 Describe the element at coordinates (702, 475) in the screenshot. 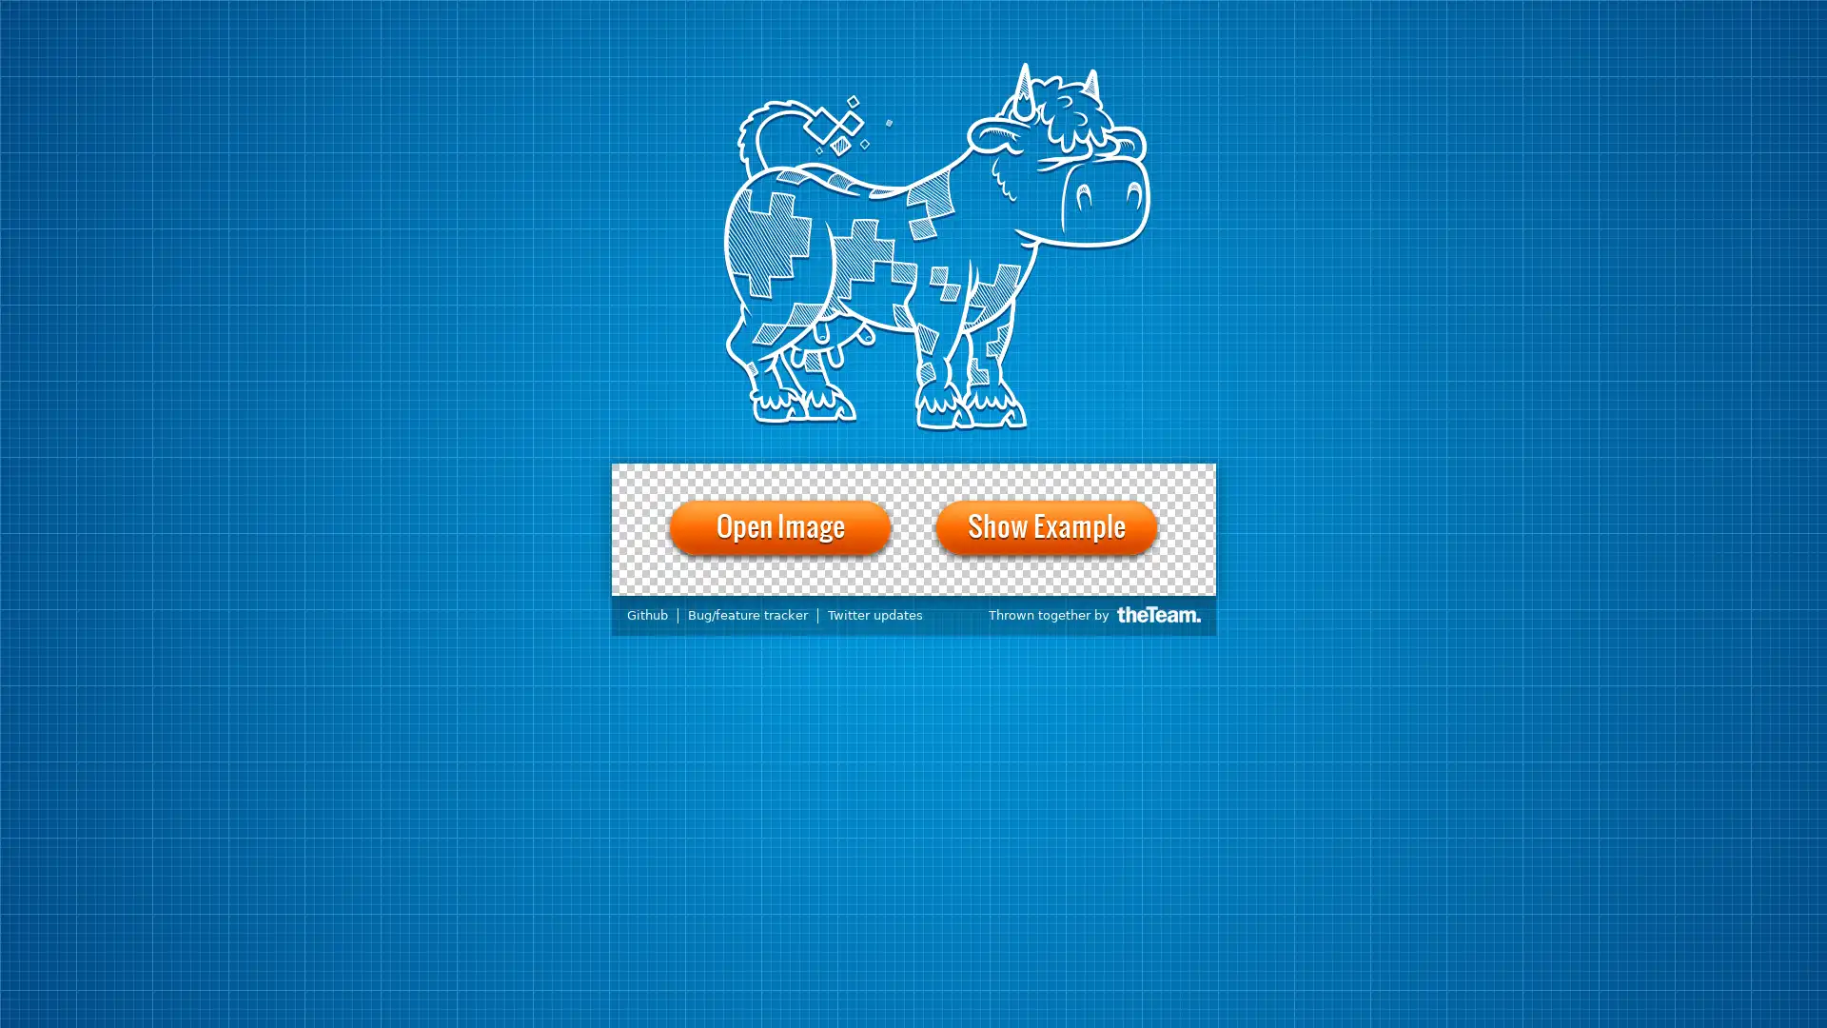

I see `Reload Current Image` at that location.